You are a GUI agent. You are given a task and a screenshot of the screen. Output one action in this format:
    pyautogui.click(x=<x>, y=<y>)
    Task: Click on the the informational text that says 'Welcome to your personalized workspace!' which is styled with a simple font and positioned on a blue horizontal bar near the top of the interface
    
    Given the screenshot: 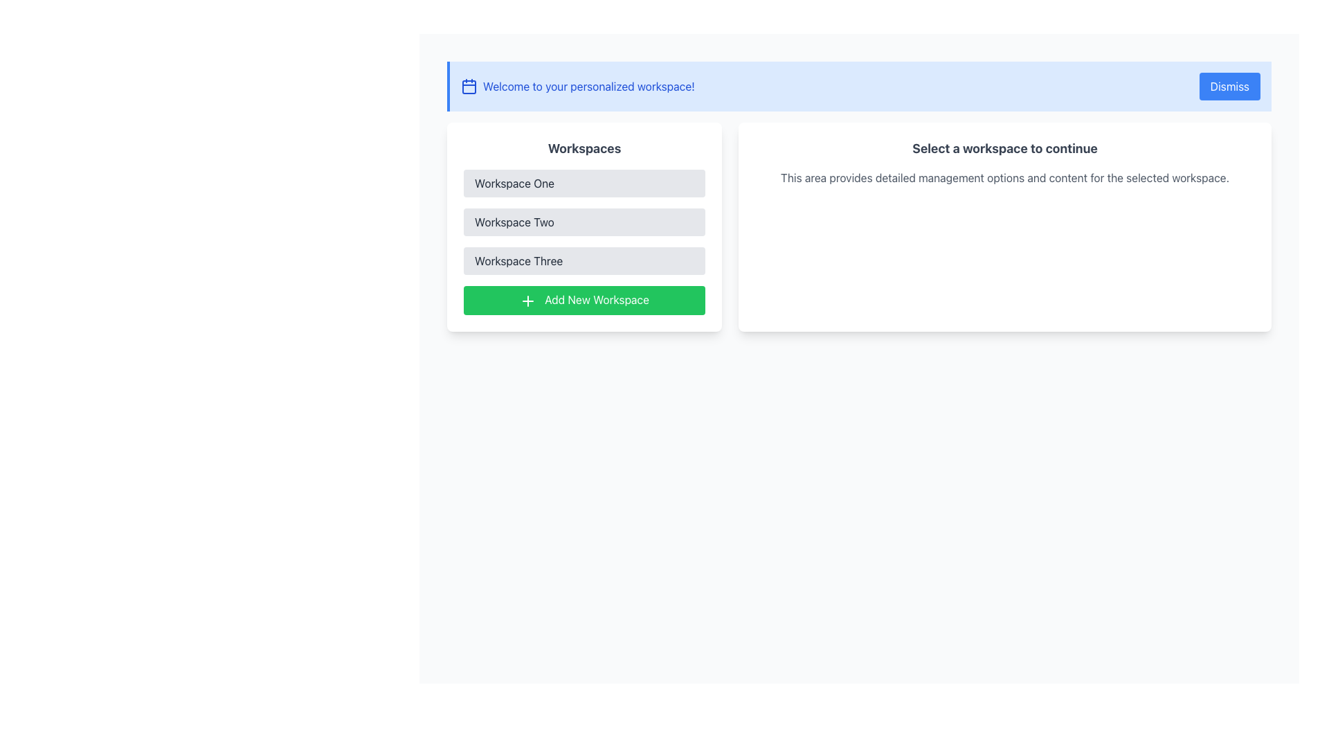 What is the action you would take?
    pyautogui.click(x=588, y=86)
    